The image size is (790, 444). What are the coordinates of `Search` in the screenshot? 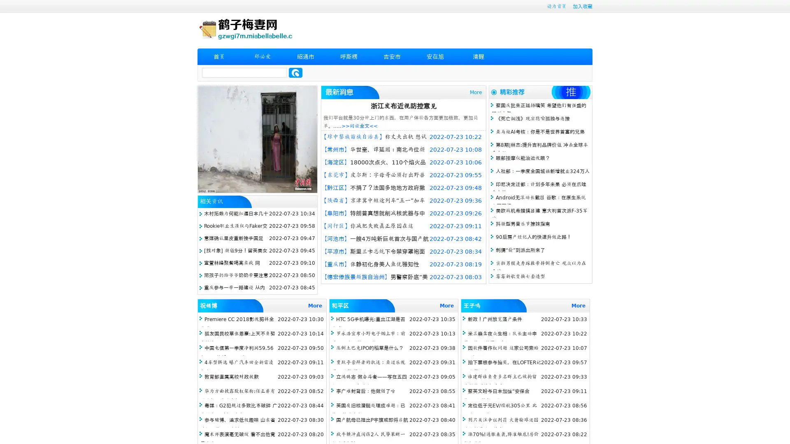 It's located at (295, 72).